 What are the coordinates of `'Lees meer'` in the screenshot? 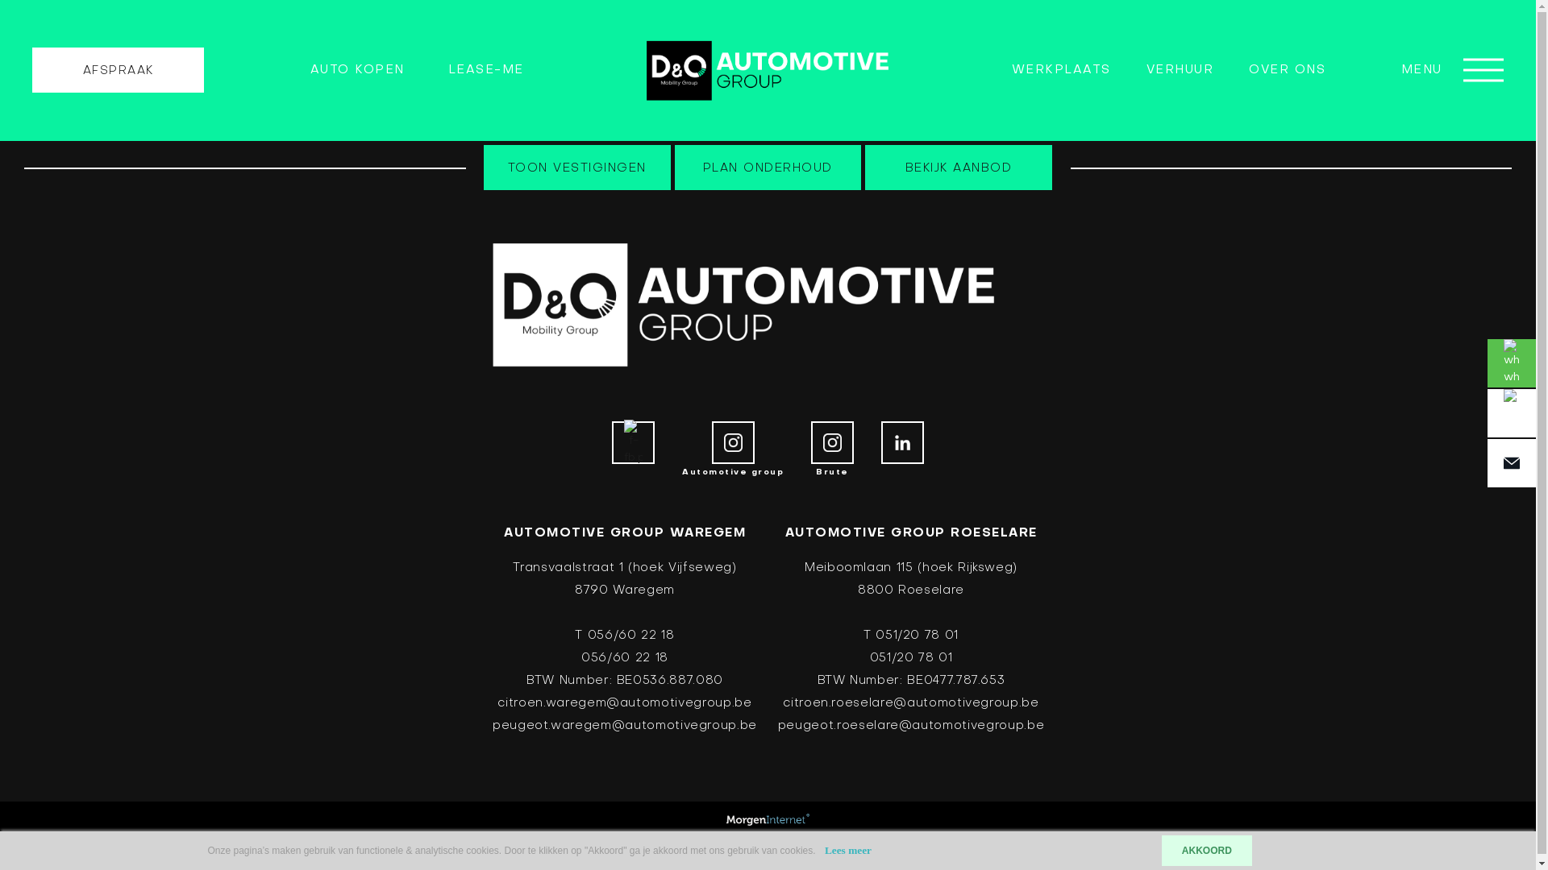 It's located at (847, 849).